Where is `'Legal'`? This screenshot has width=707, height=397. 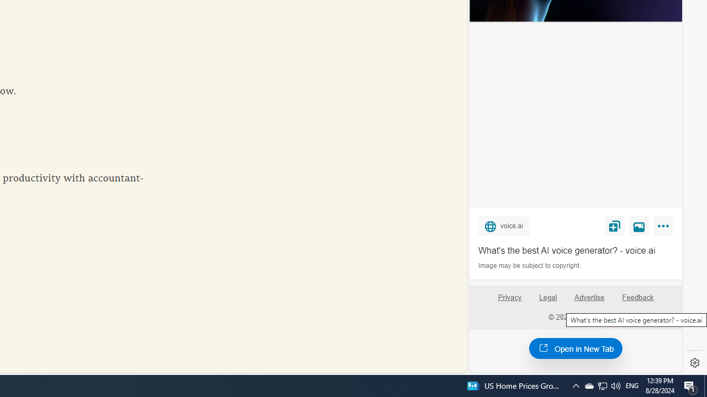 'Legal' is located at coordinates (548, 297).